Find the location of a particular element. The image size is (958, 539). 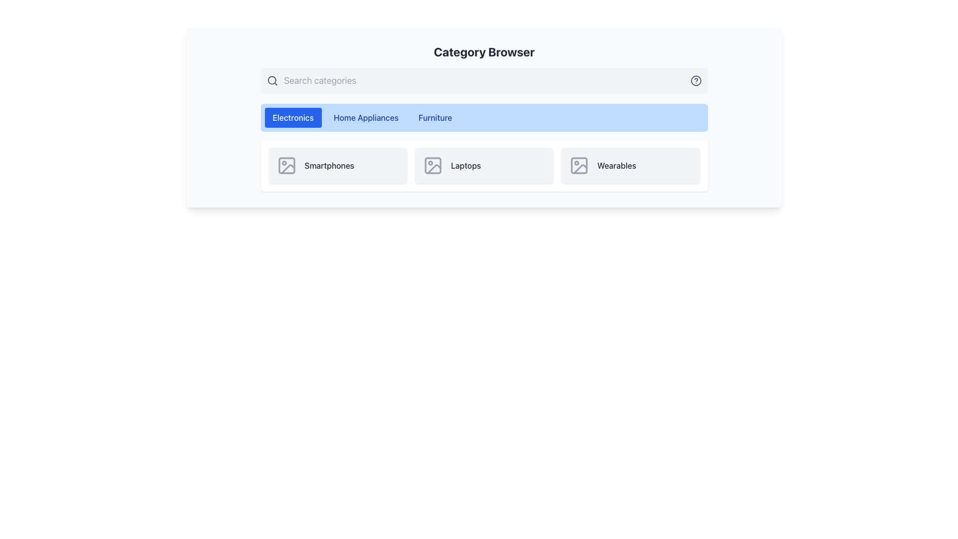

the 'Smartphones' category selector button, which is the first item in the horizontal grid under the 'Electronics' tab is located at coordinates (338, 165).